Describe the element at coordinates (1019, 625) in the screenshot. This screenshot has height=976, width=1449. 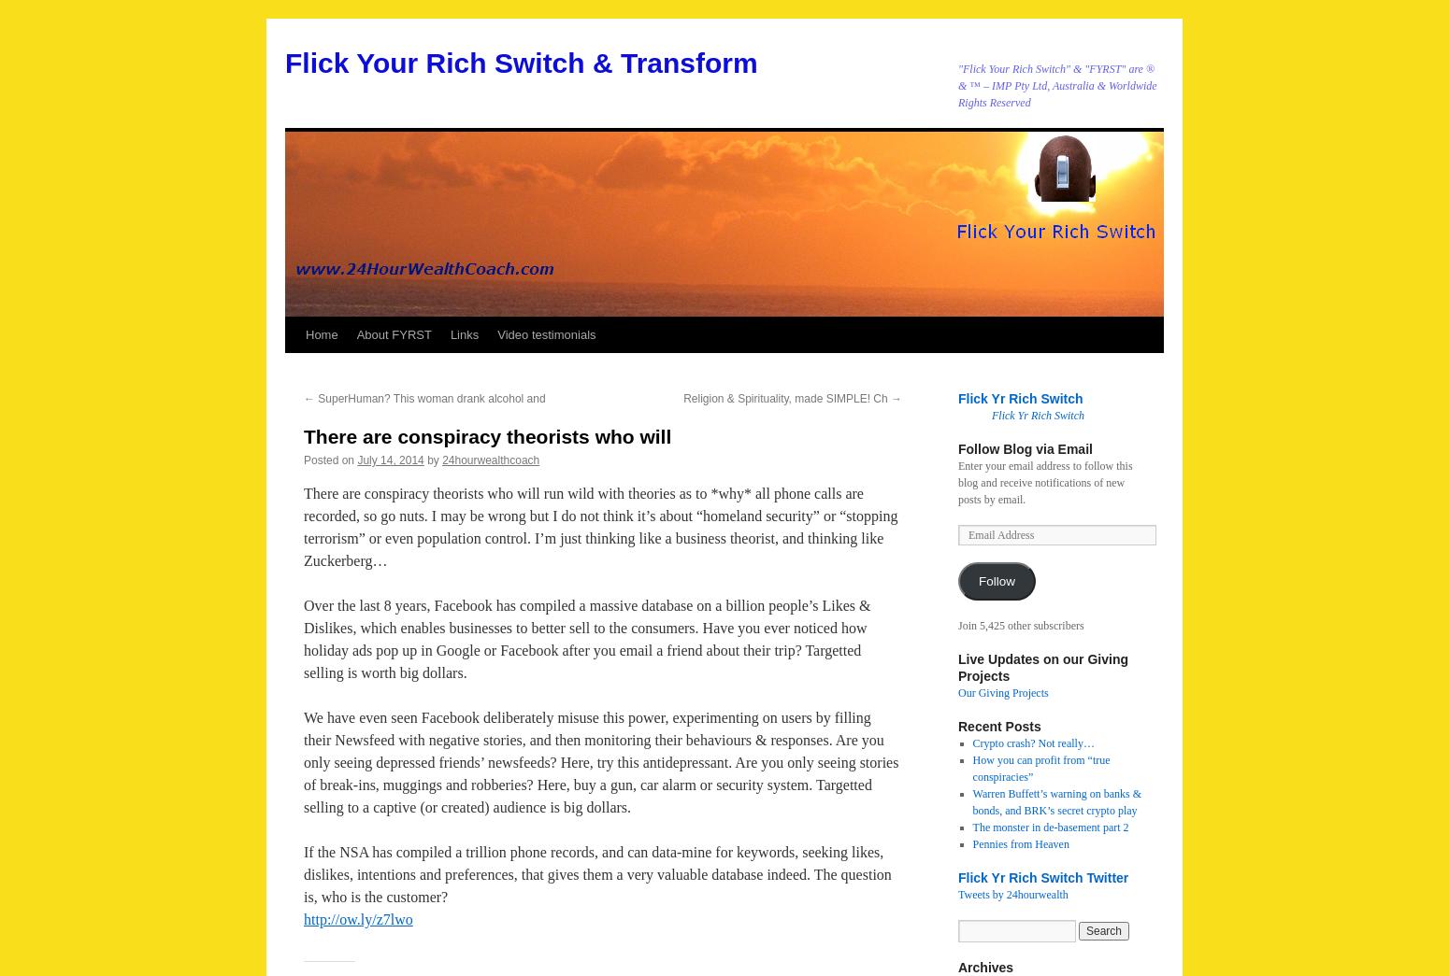
I see `'Join 5,425 other subscribers'` at that location.